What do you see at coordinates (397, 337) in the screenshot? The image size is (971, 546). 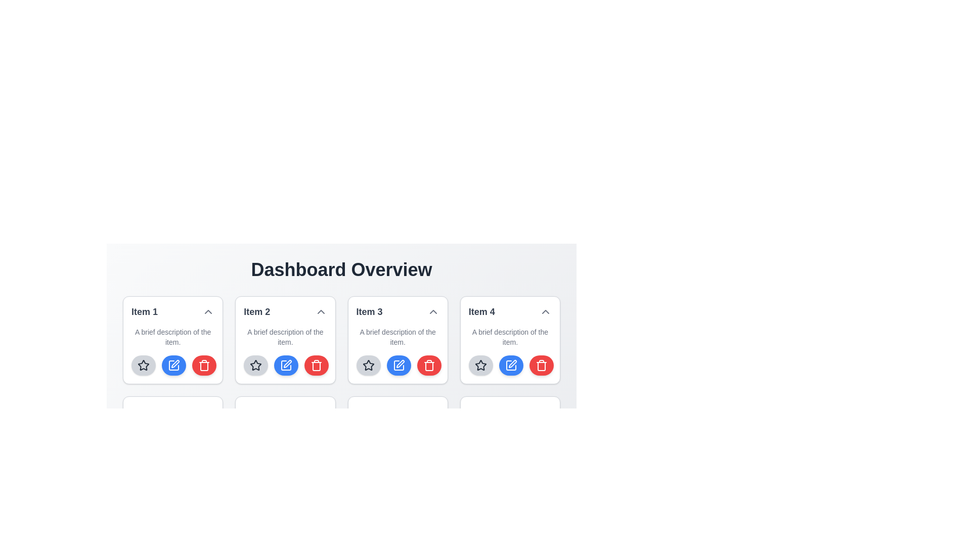 I see `text content of the Text element located beneath the title 'Item 3' in the third card of the horizontally arranged card layout` at bounding box center [397, 337].